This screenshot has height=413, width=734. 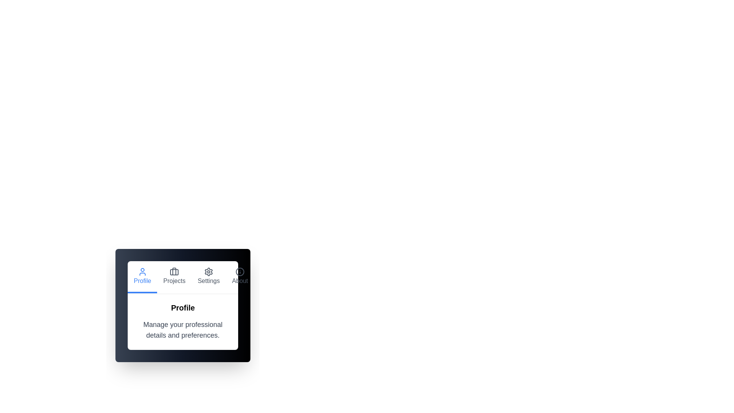 What do you see at coordinates (240, 277) in the screenshot?
I see `the tab button labeled About` at bounding box center [240, 277].